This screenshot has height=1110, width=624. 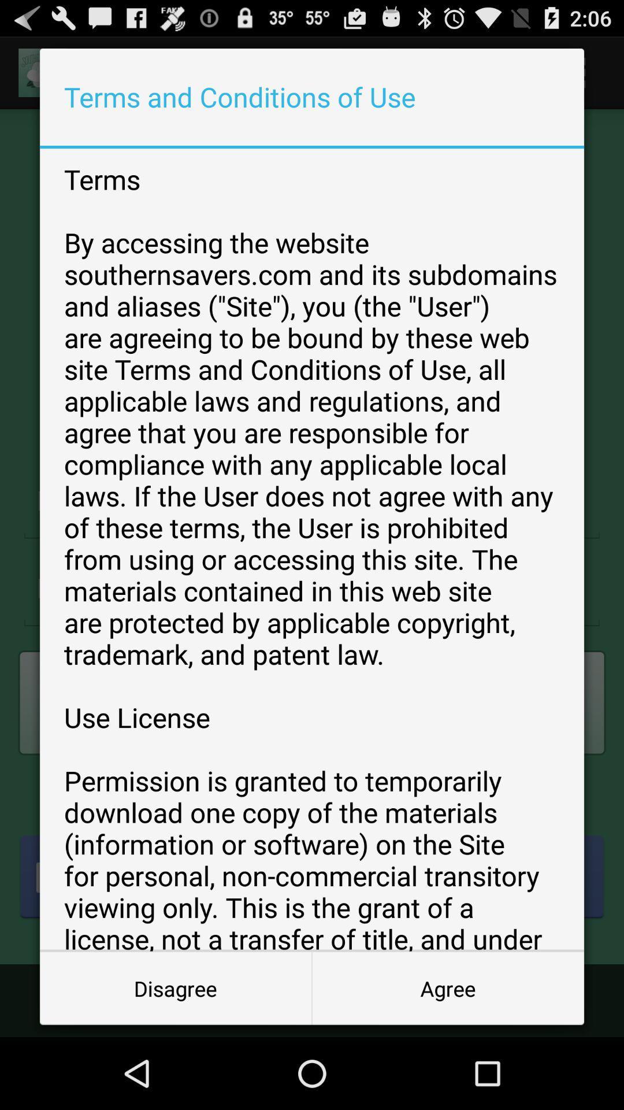 I want to click on the item below terms by accessing icon, so click(x=176, y=987).